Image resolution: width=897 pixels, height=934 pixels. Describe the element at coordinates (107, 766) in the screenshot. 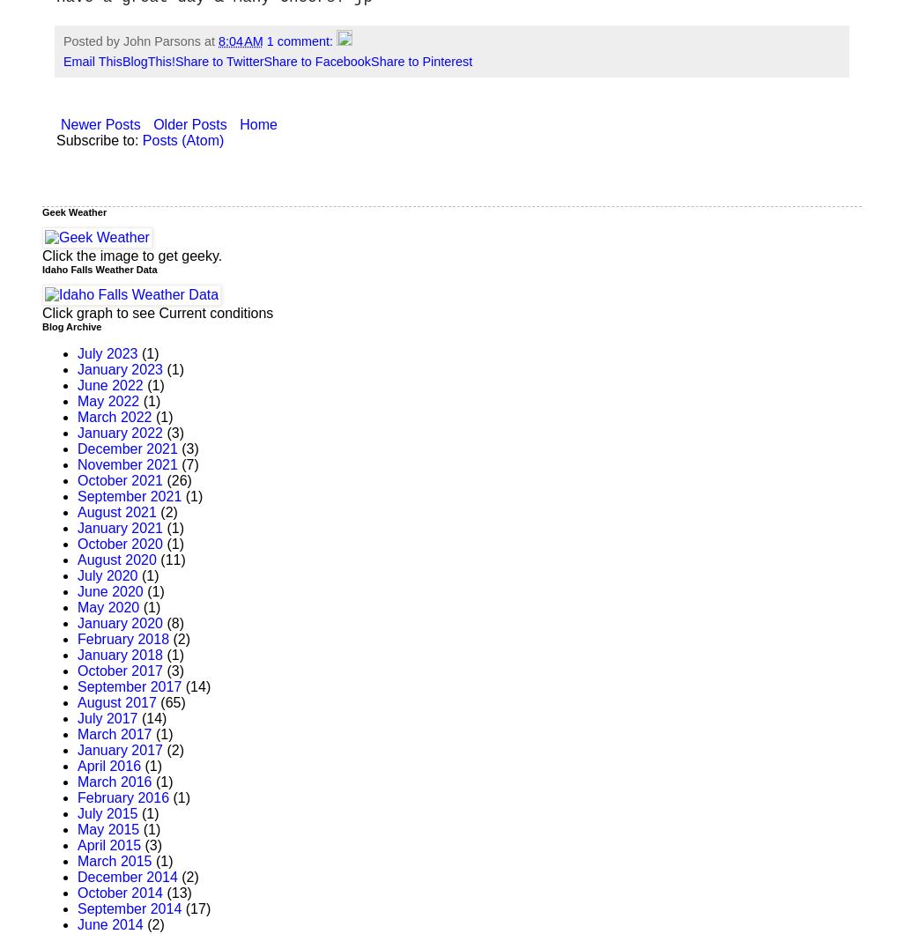

I see `'April 2016'` at that location.